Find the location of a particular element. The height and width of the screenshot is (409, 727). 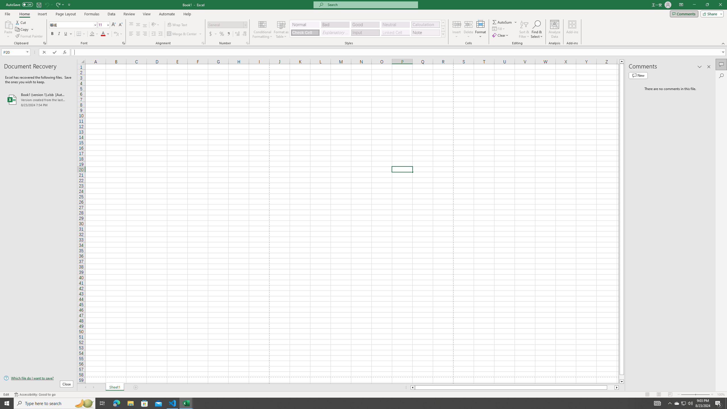

'Share' is located at coordinates (711, 13).